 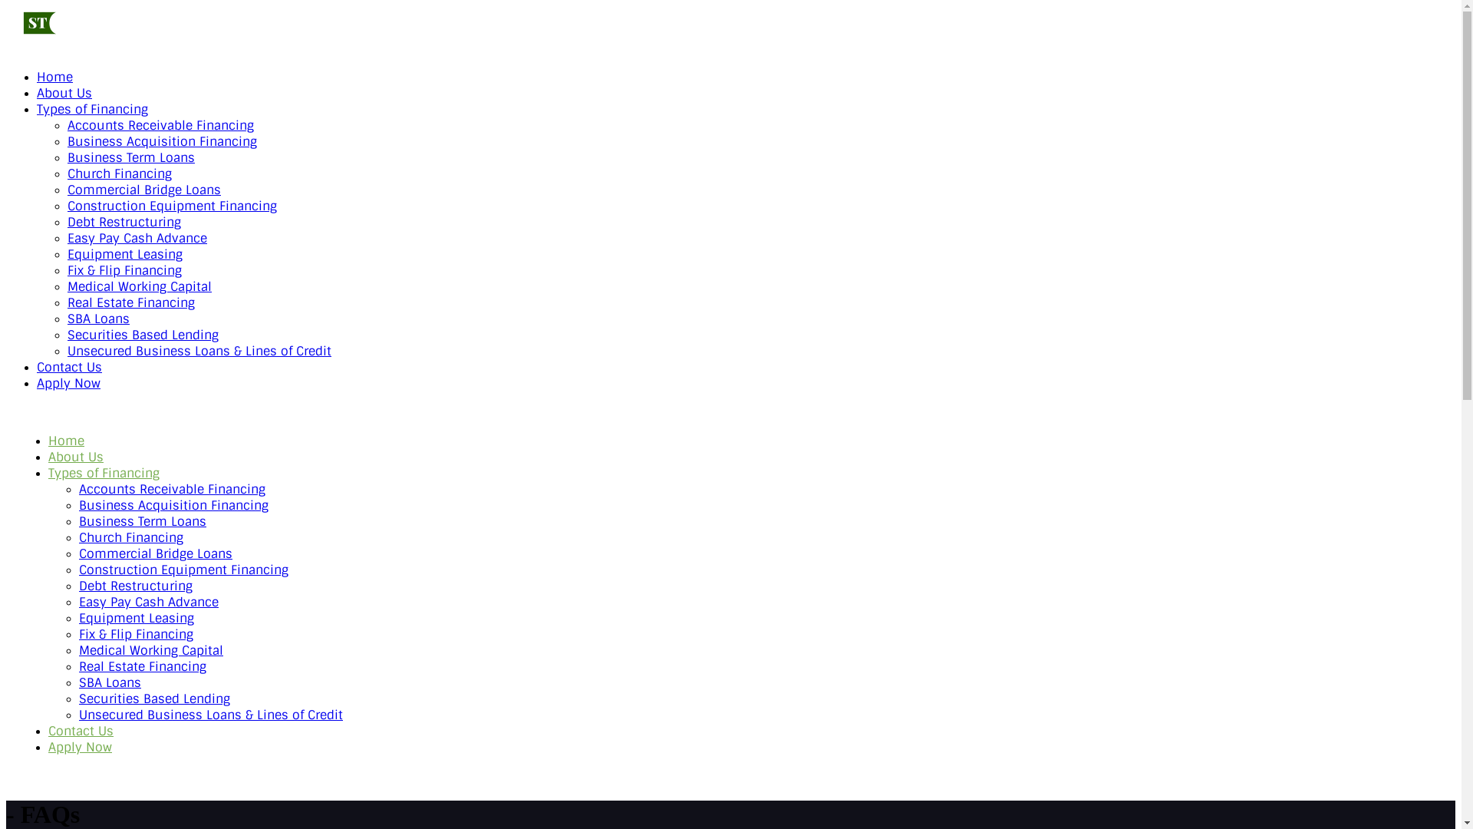 What do you see at coordinates (66, 269) in the screenshot?
I see `'Fix & Flip Financing'` at bounding box center [66, 269].